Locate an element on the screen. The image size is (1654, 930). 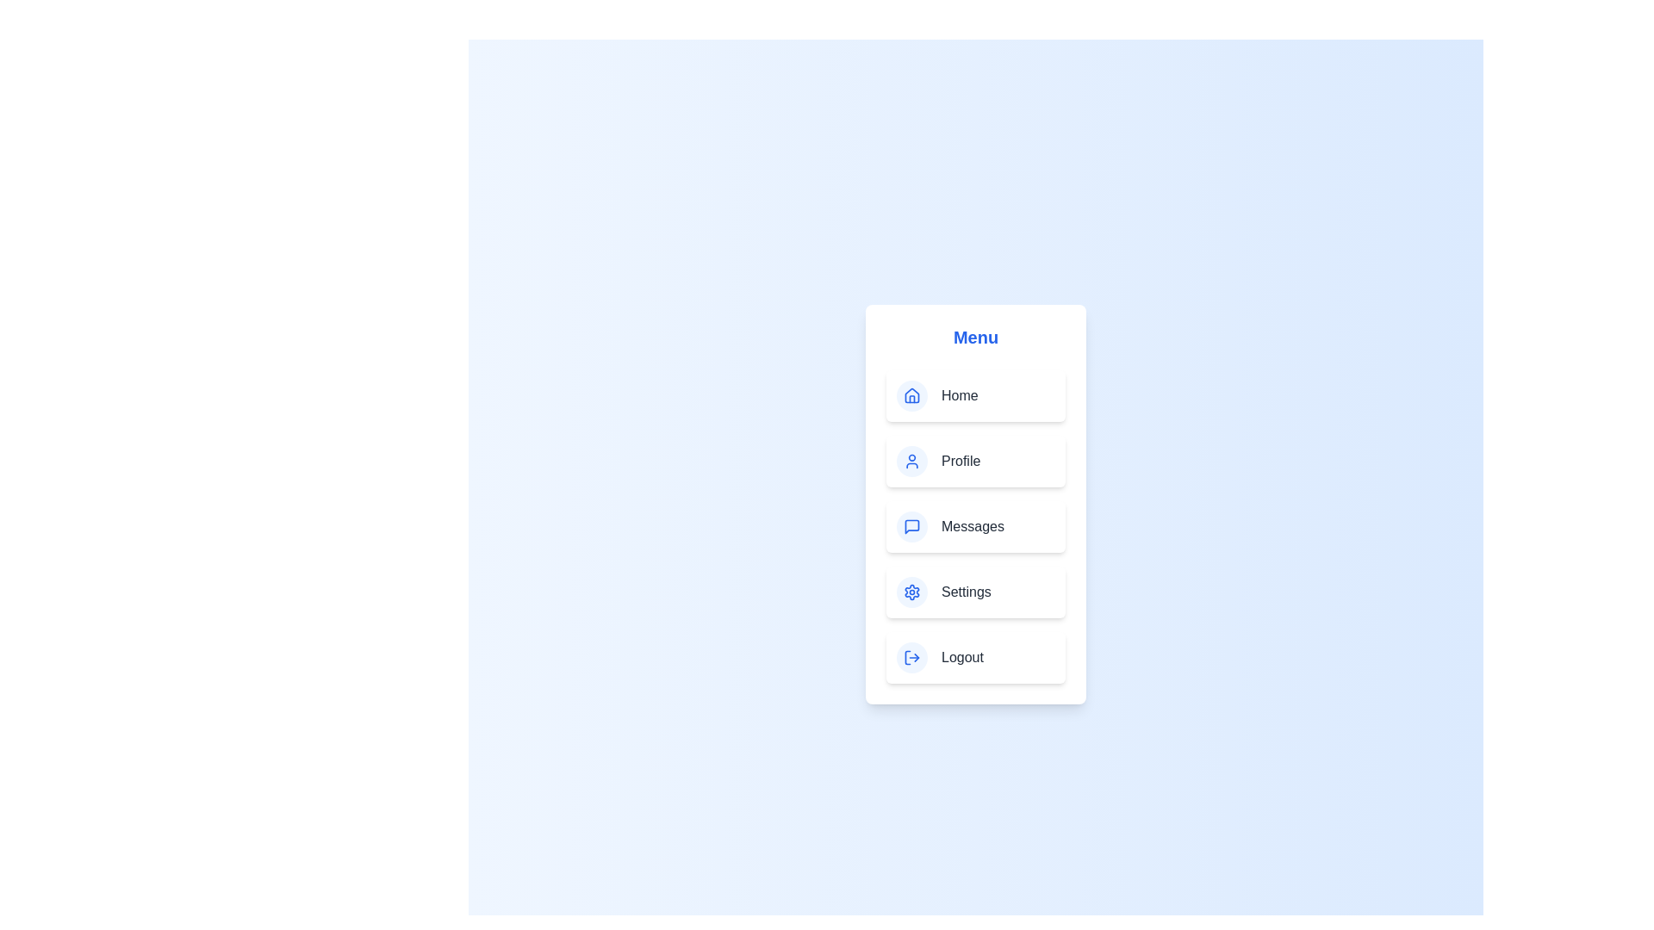
the menu item labeled Profile is located at coordinates (975, 461).